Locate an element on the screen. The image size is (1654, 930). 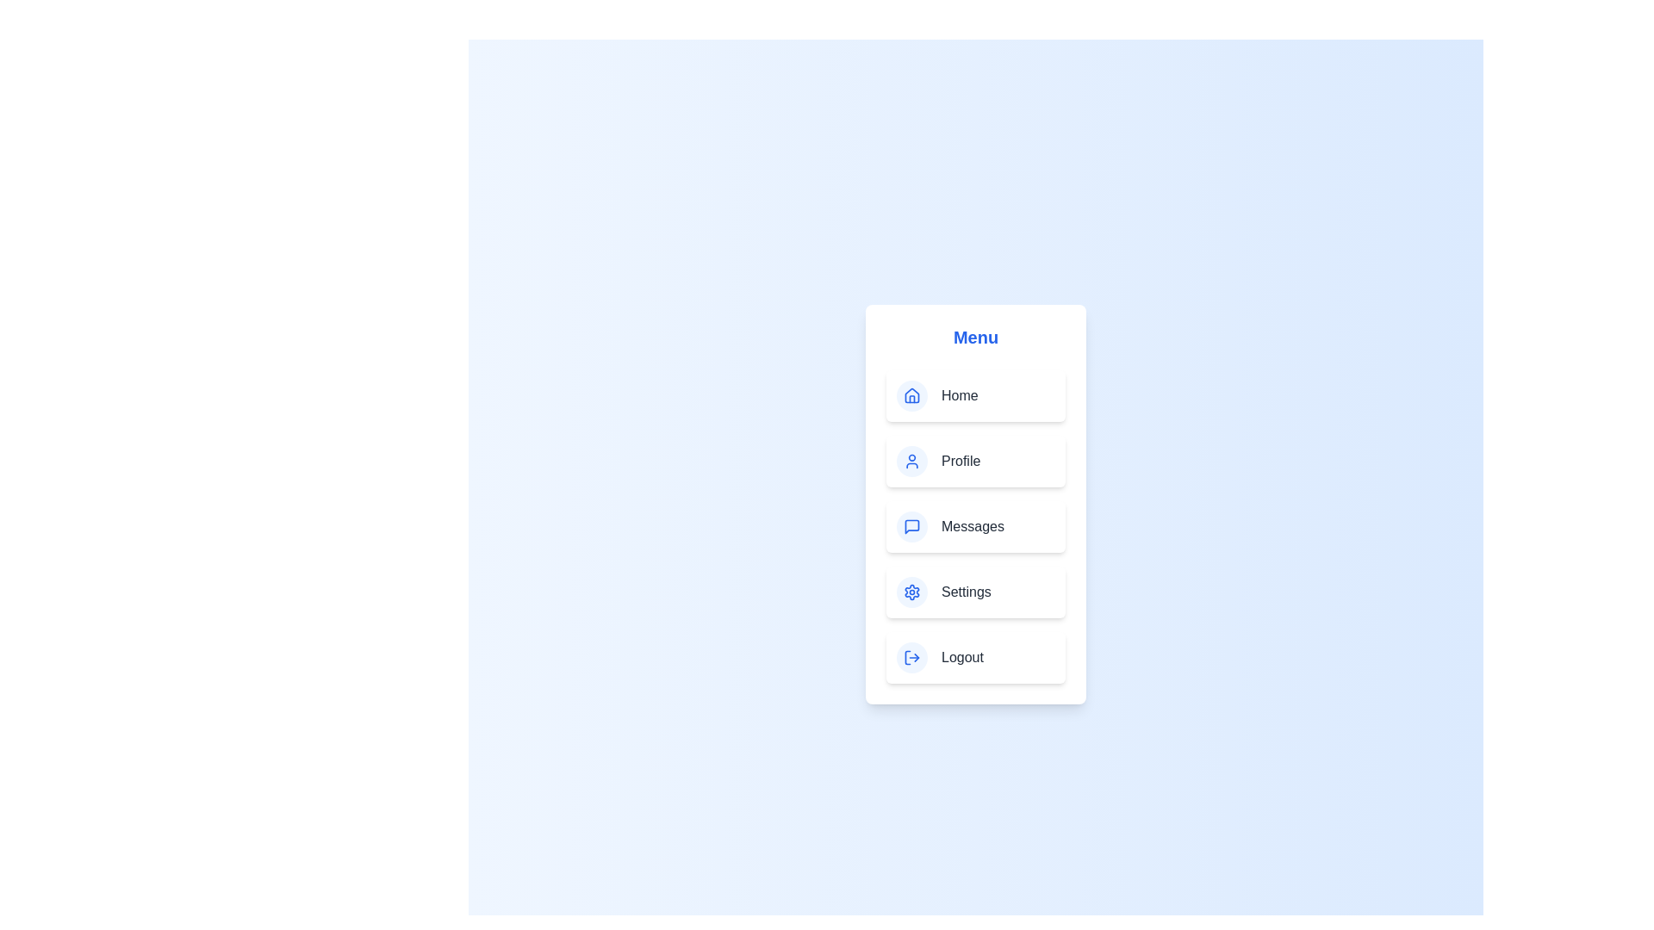
the menu item labeled Profile is located at coordinates (975, 461).